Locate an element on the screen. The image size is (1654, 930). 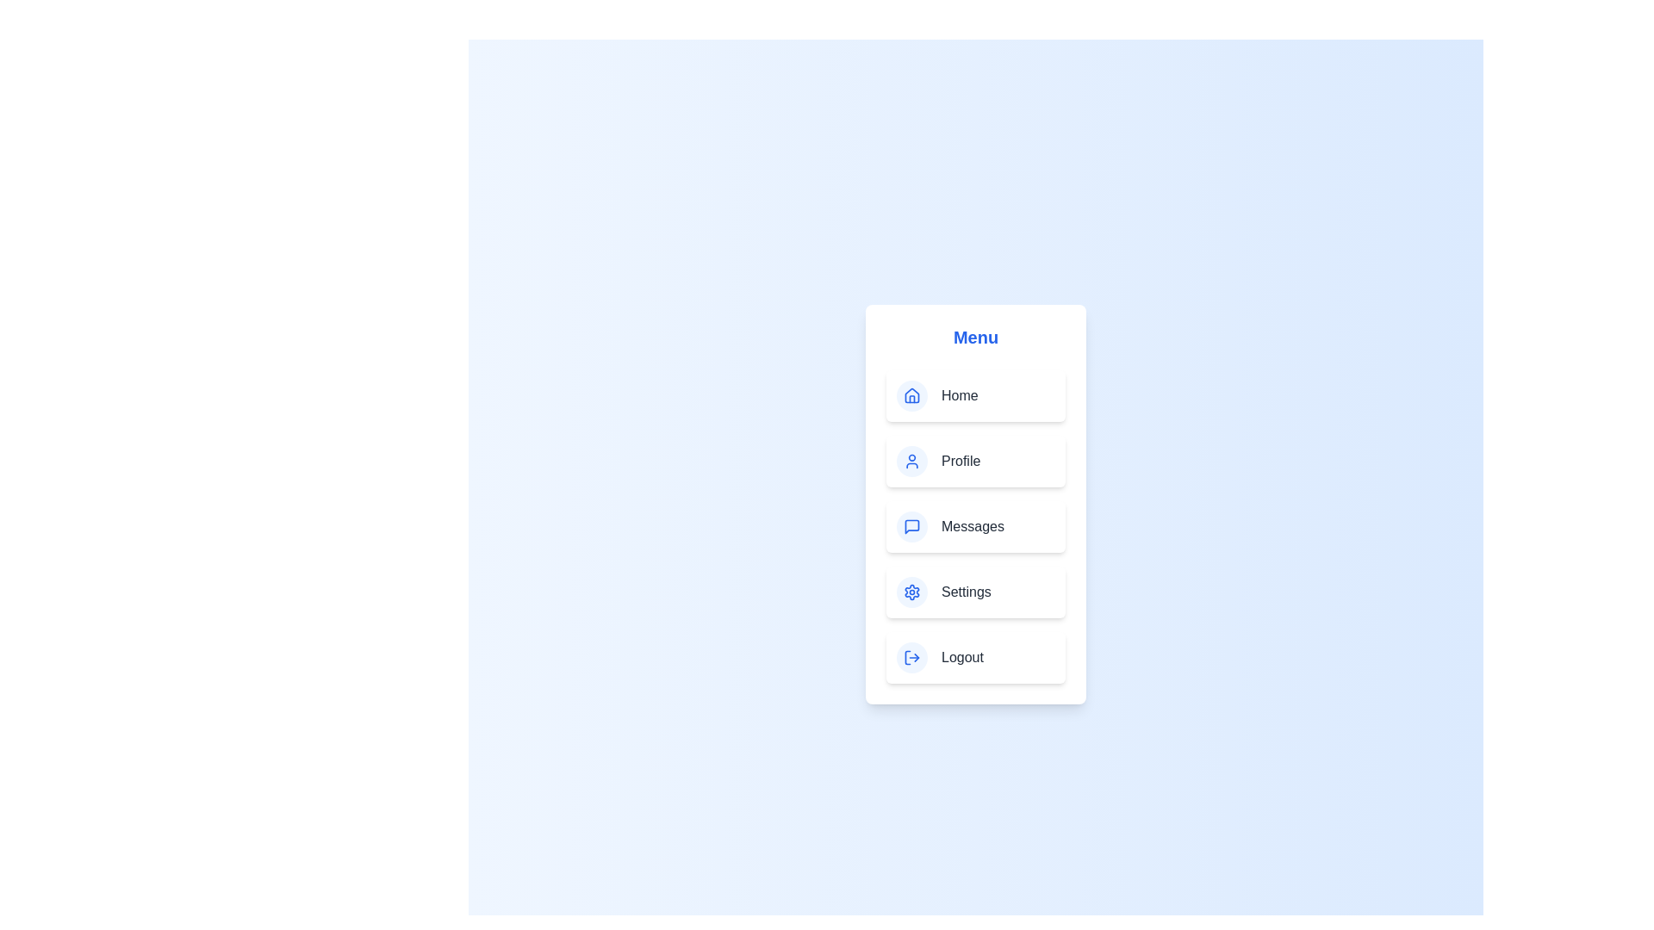
the menu item labeled Profile is located at coordinates (975, 461).